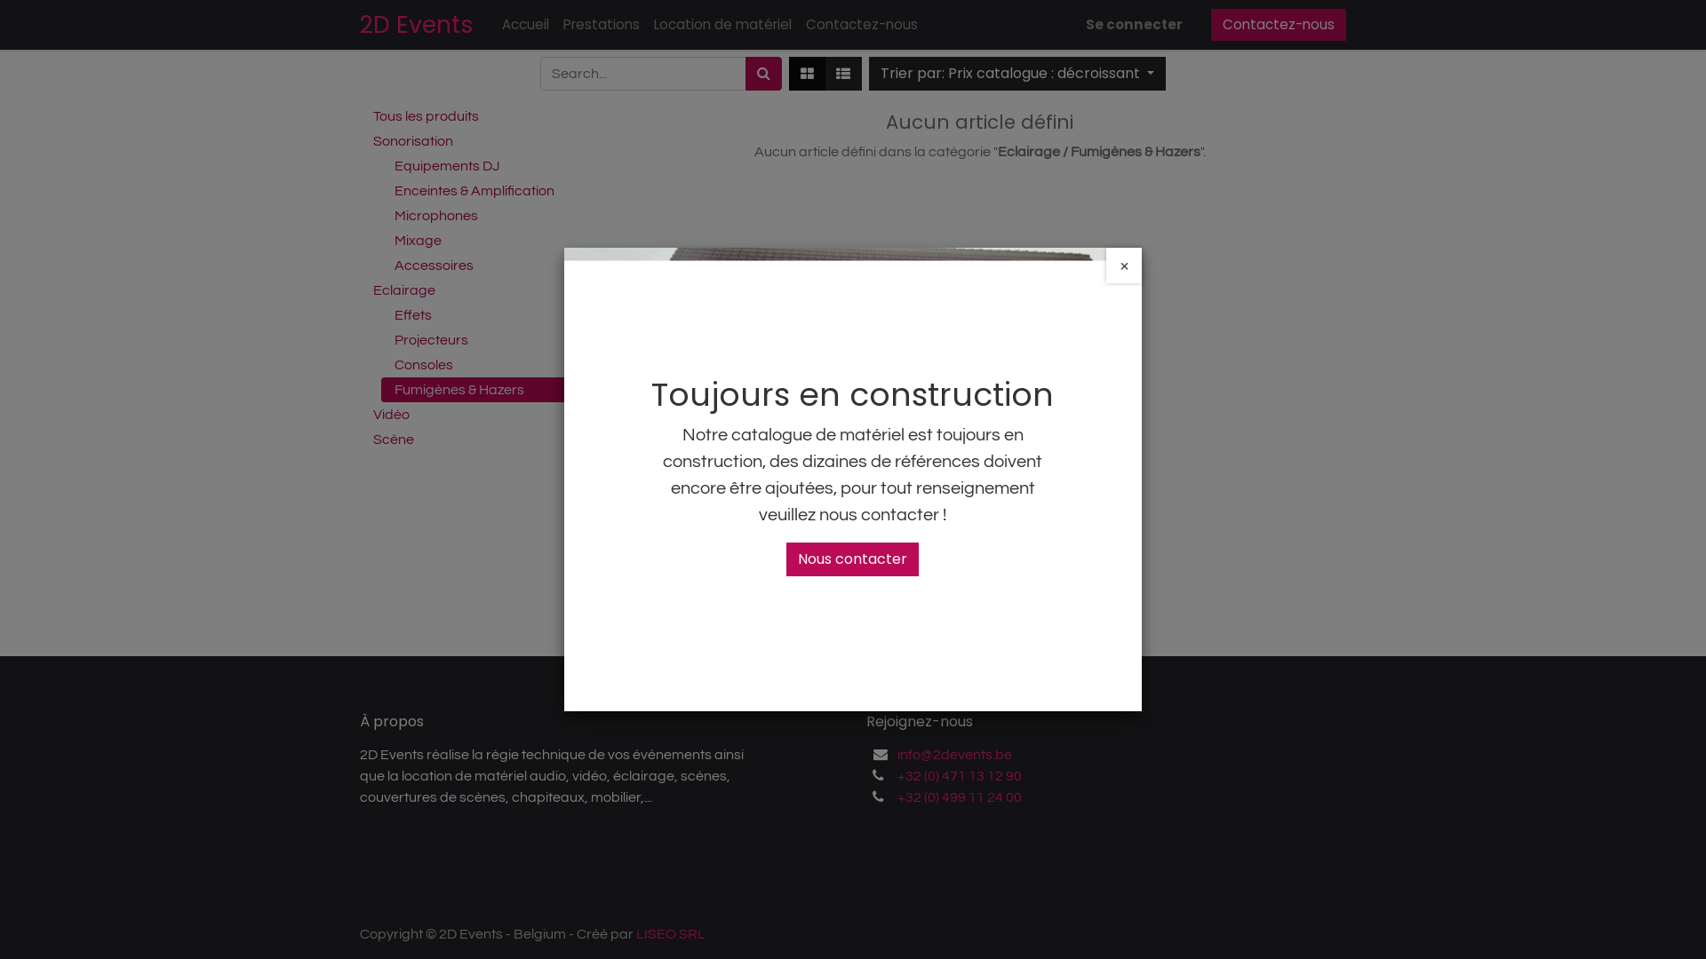 This screenshot has height=959, width=1706. What do you see at coordinates (953, 754) in the screenshot?
I see `'info@2devents.be'` at bounding box center [953, 754].